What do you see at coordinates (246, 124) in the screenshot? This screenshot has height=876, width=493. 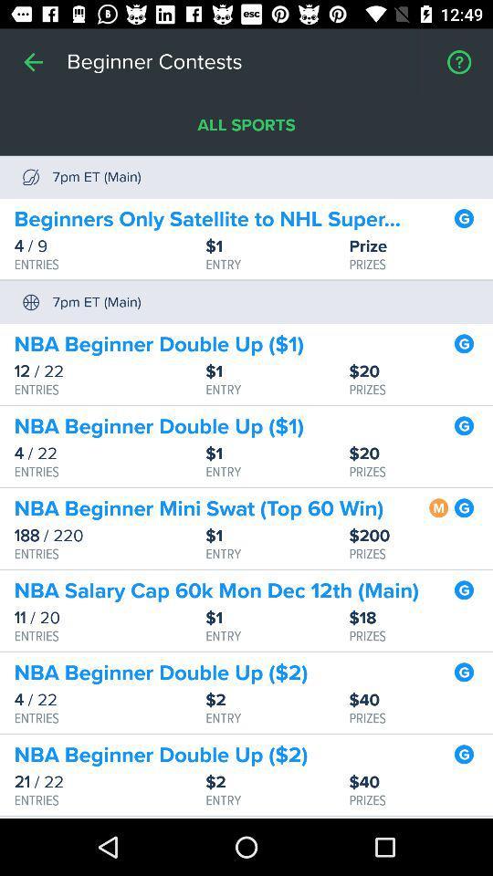 I see `all sports icon` at bounding box center [246, 124].